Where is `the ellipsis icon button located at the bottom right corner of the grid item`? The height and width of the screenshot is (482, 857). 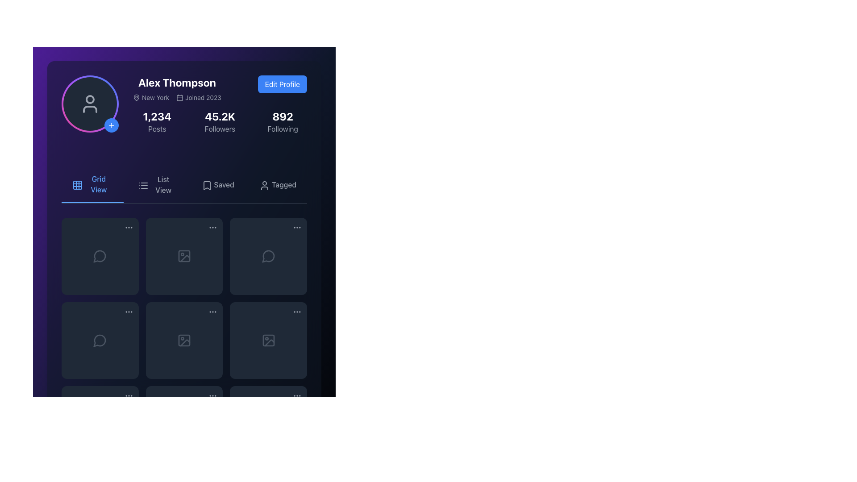 the ellipsis icon button located at the bottom right corner of the grid item is located at coordinates (212, 311).